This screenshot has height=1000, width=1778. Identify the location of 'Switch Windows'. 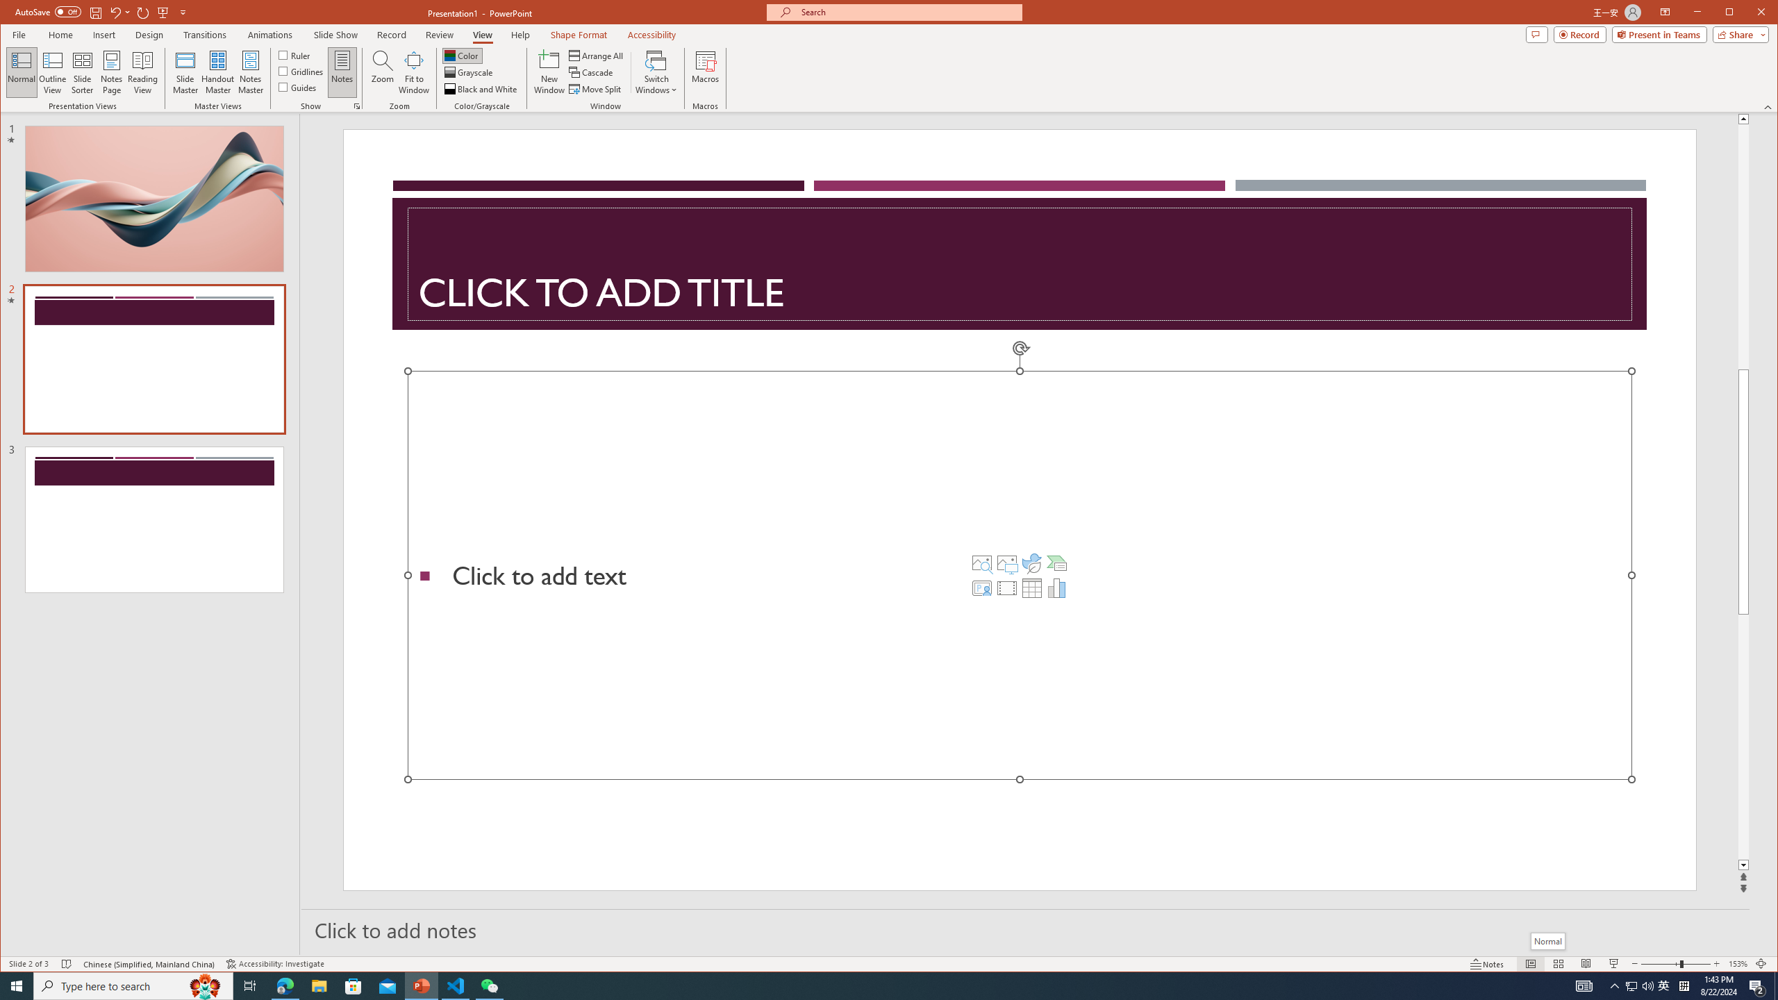
(656, 72).